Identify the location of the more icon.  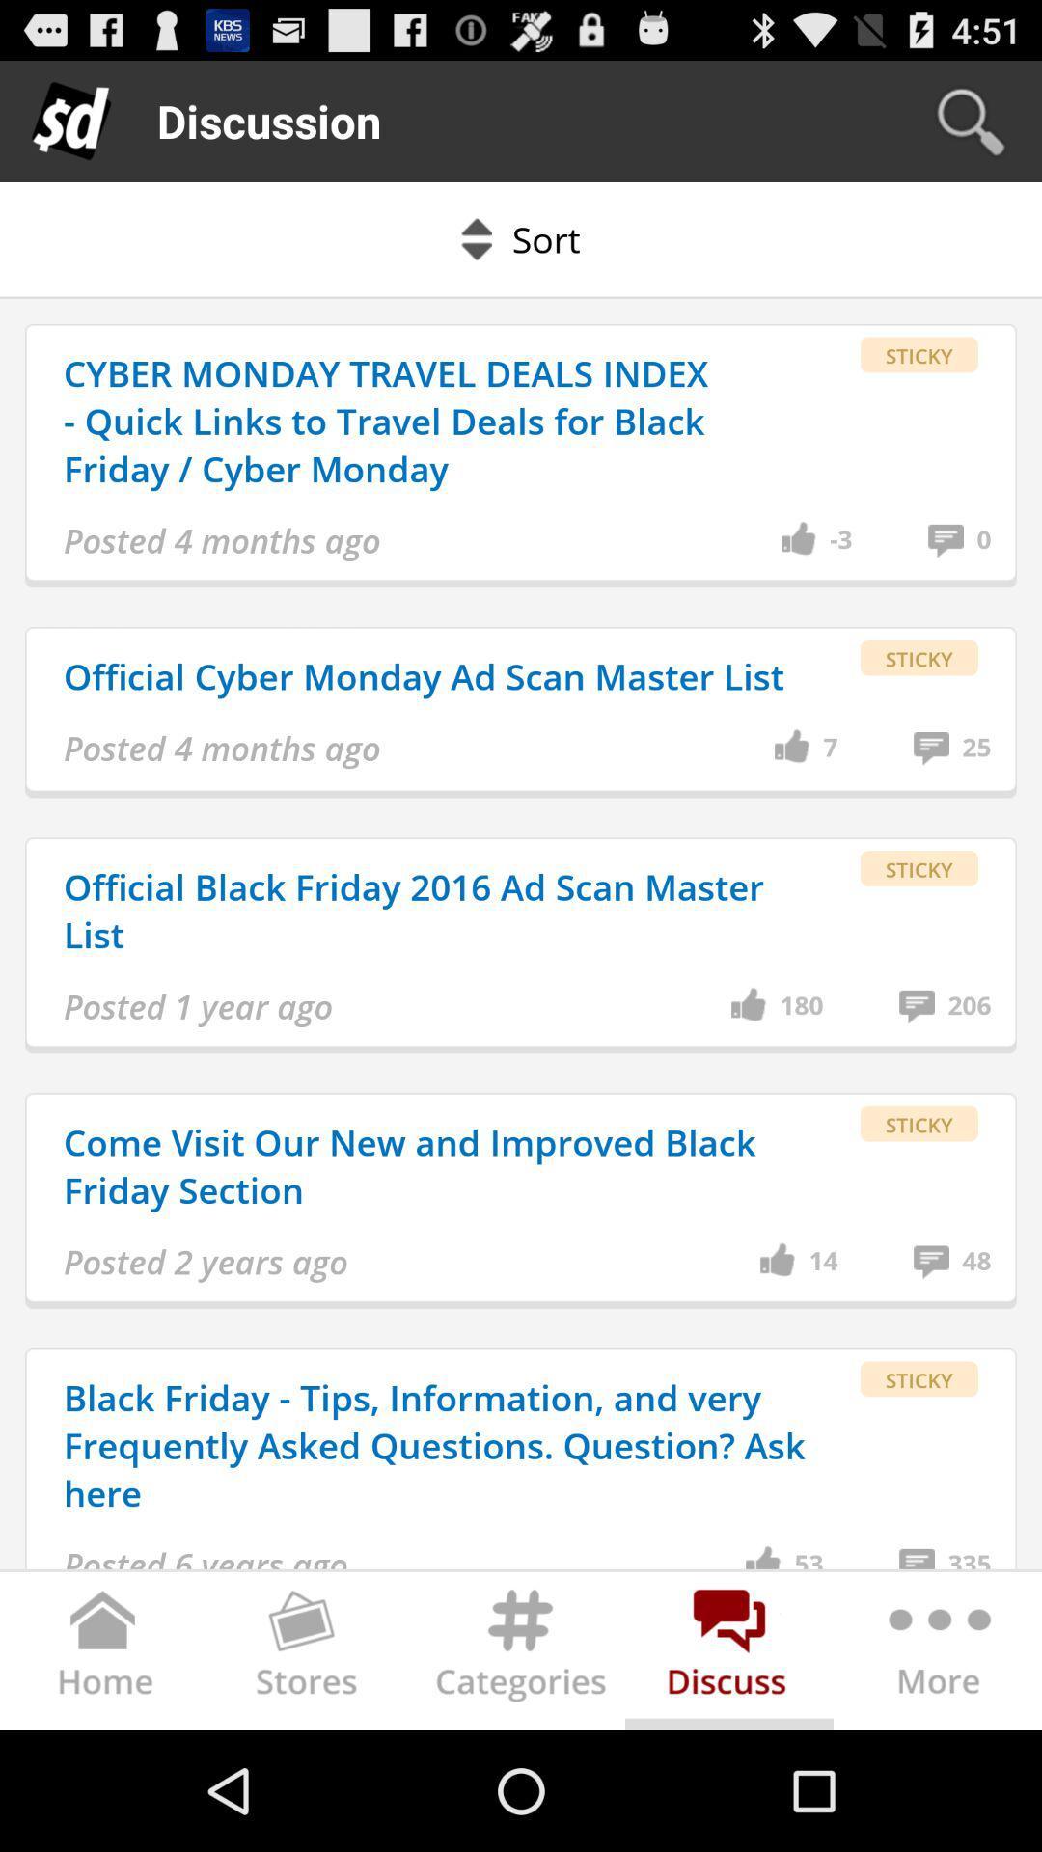
(936, 1771).